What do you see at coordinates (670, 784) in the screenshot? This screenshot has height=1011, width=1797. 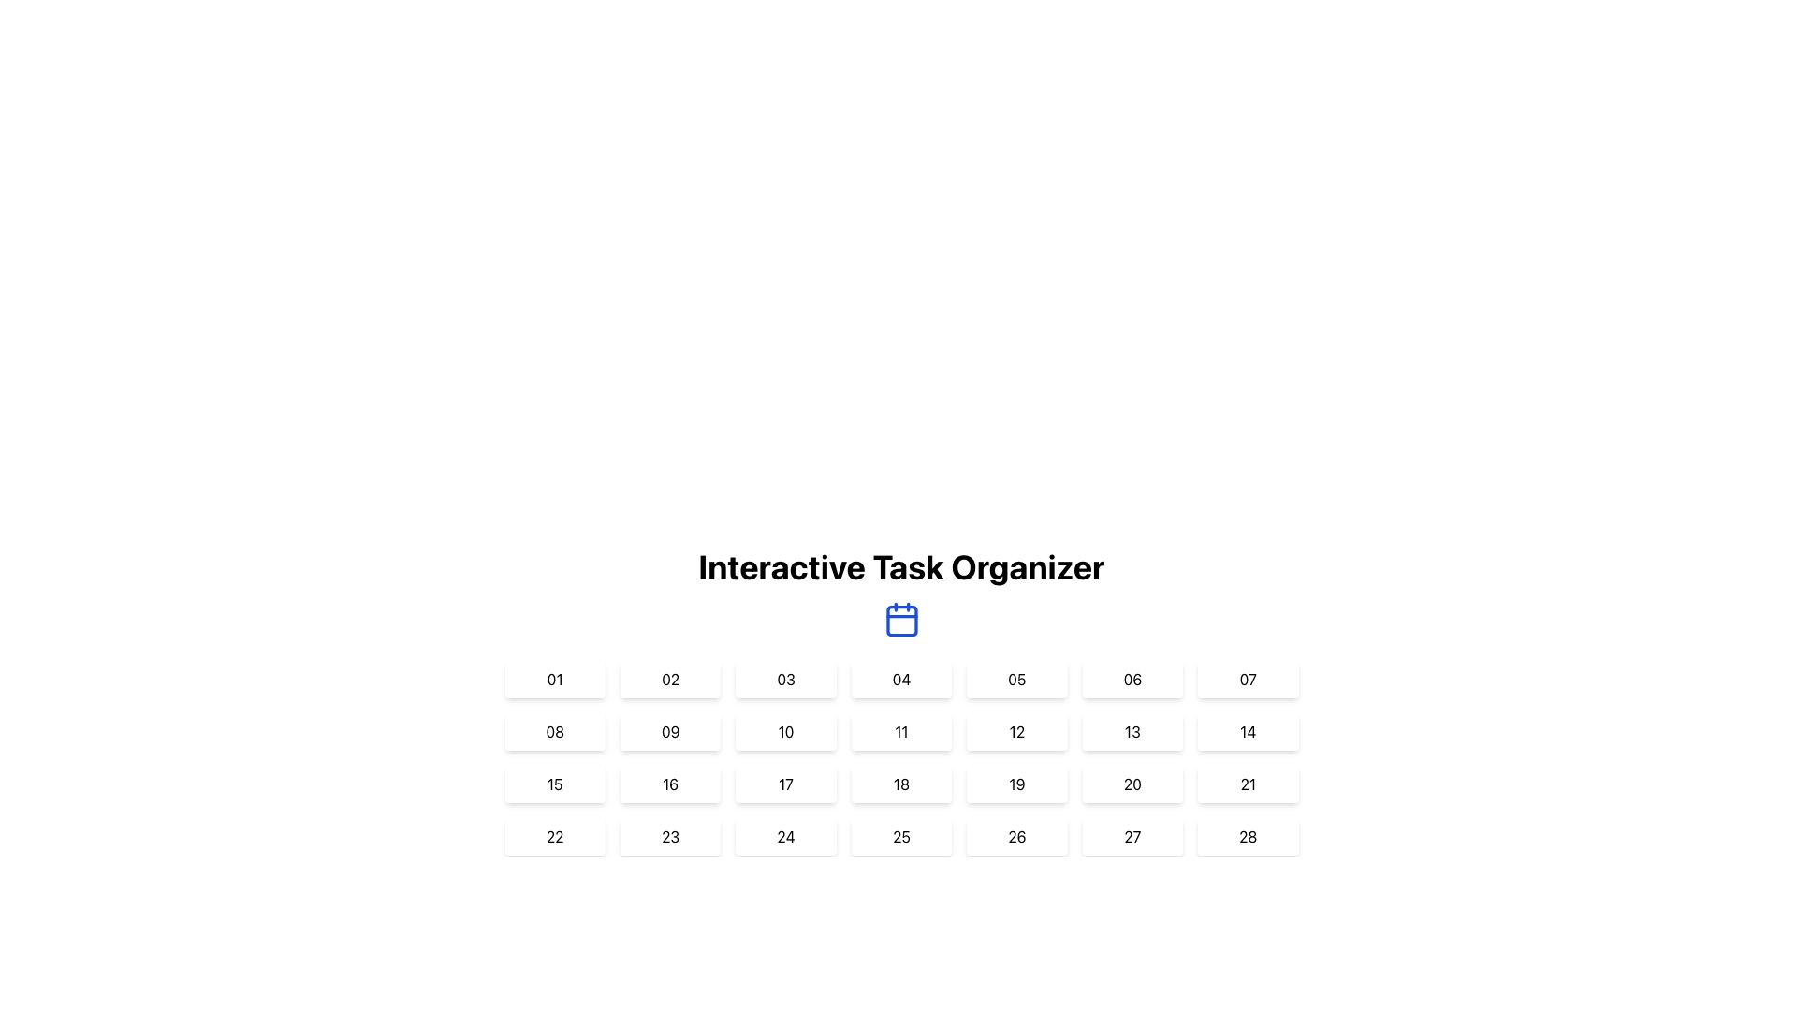 I see `the button representing the value '16' in the calendar grid` at bounding box center [670, 784].